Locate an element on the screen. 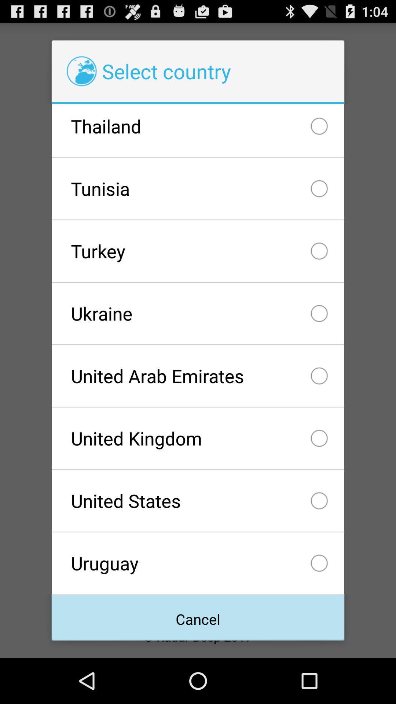  icon above united states is located at coordinates (198, 438).